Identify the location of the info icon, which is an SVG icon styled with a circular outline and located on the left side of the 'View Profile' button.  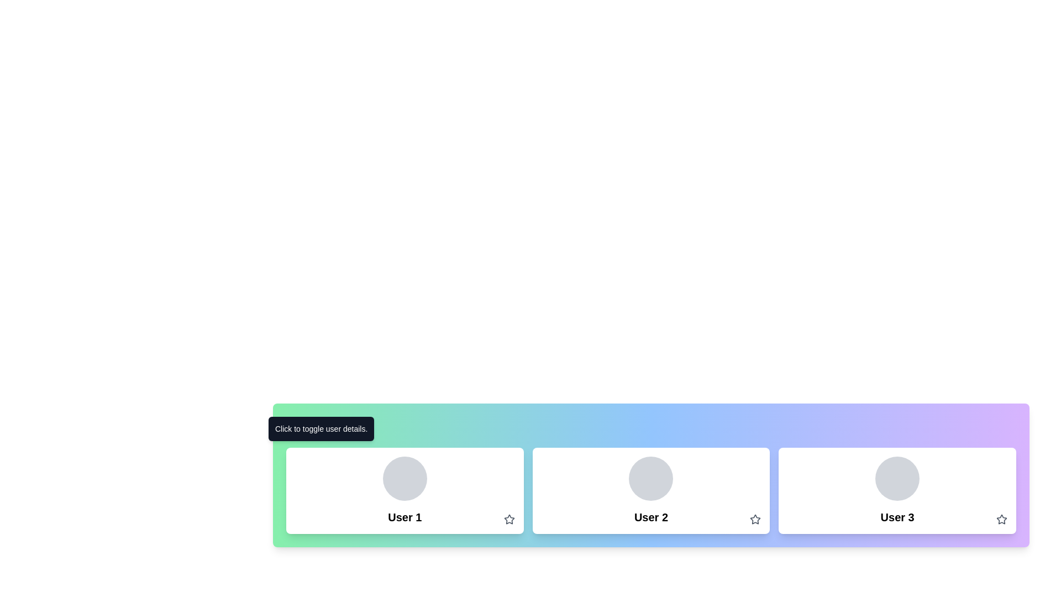
(300, 427).